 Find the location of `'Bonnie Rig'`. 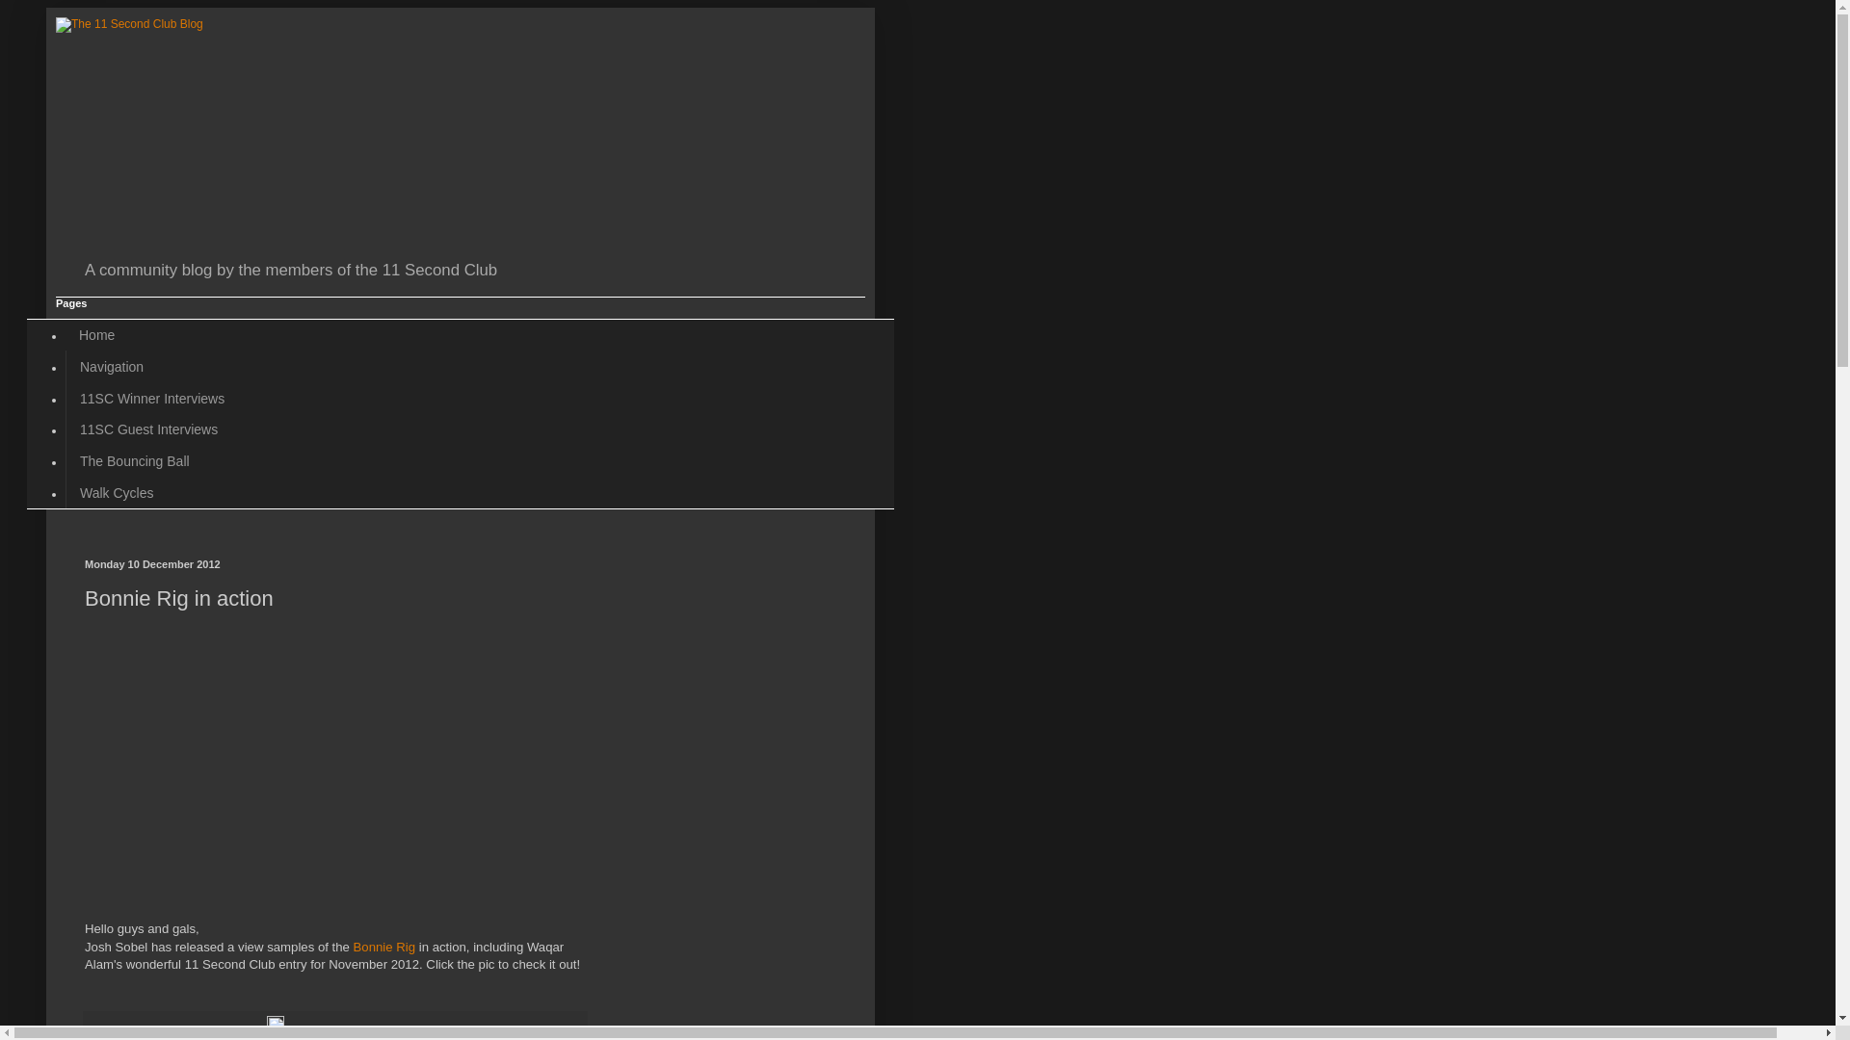

'Bonnie Rig' is located at coordinates (384, 946).